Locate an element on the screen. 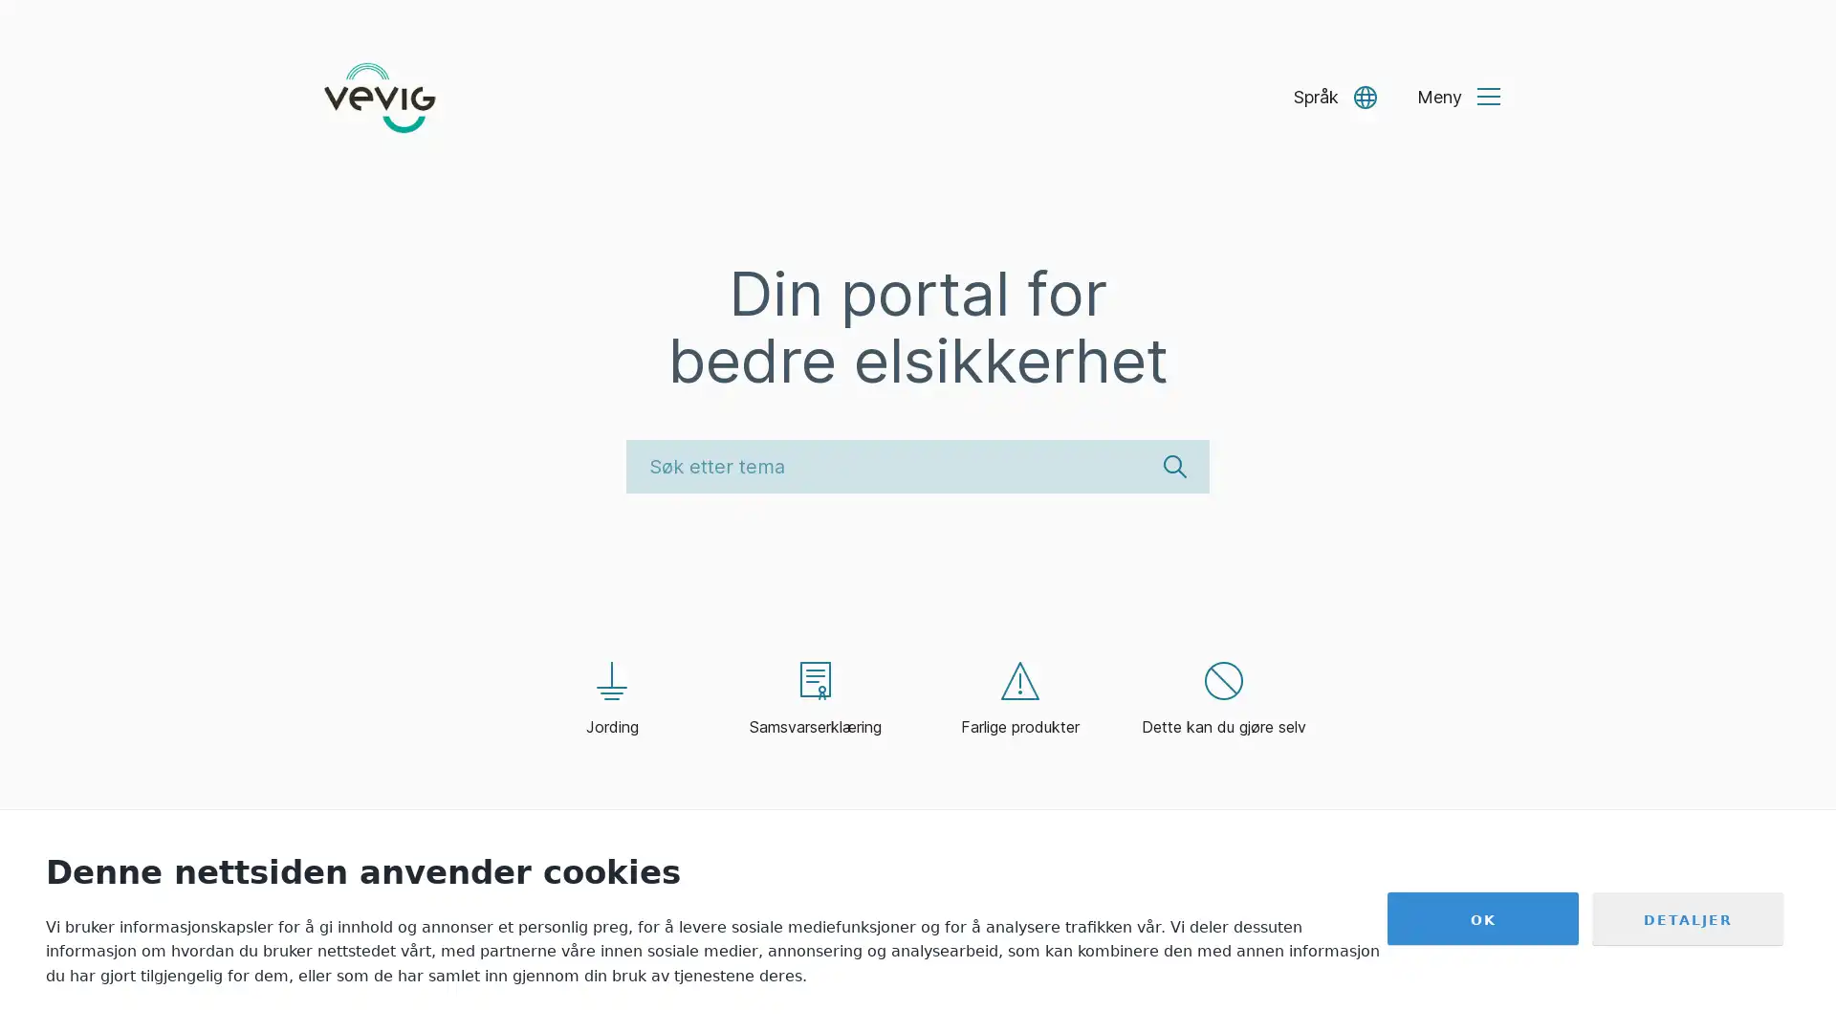 The width and height of the screenshot is (1836, 1033). Meny is located at coordinates (1457, 97).